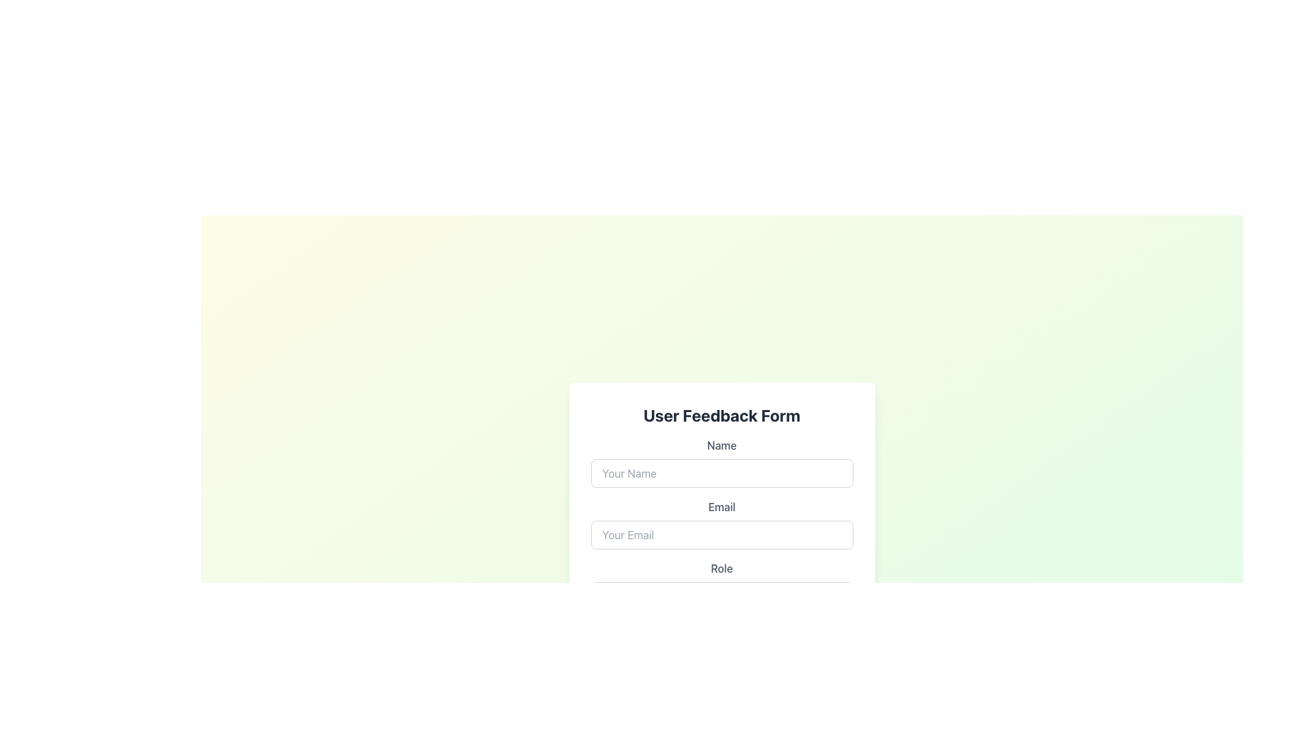 This screenshot has height=738, width=1312. Describe the element at coordinates (721, 584) in the screenshot. I see `the centrally positioned dropdown menu in the feedback form` at that location.